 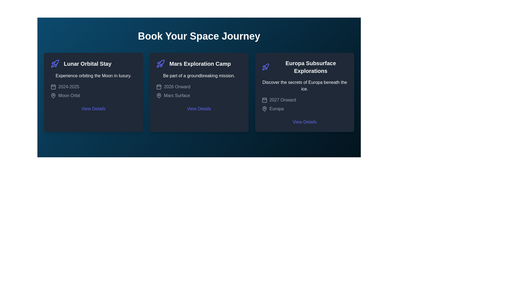 What do you see at coordinates (199, 63) in the screenshot?
I see `text of the heading element that features an indigo rocket icon and the bold title 'Mars Exploration Camp', located at the top of the middle card among three cards` at bounding box center [199, 63].